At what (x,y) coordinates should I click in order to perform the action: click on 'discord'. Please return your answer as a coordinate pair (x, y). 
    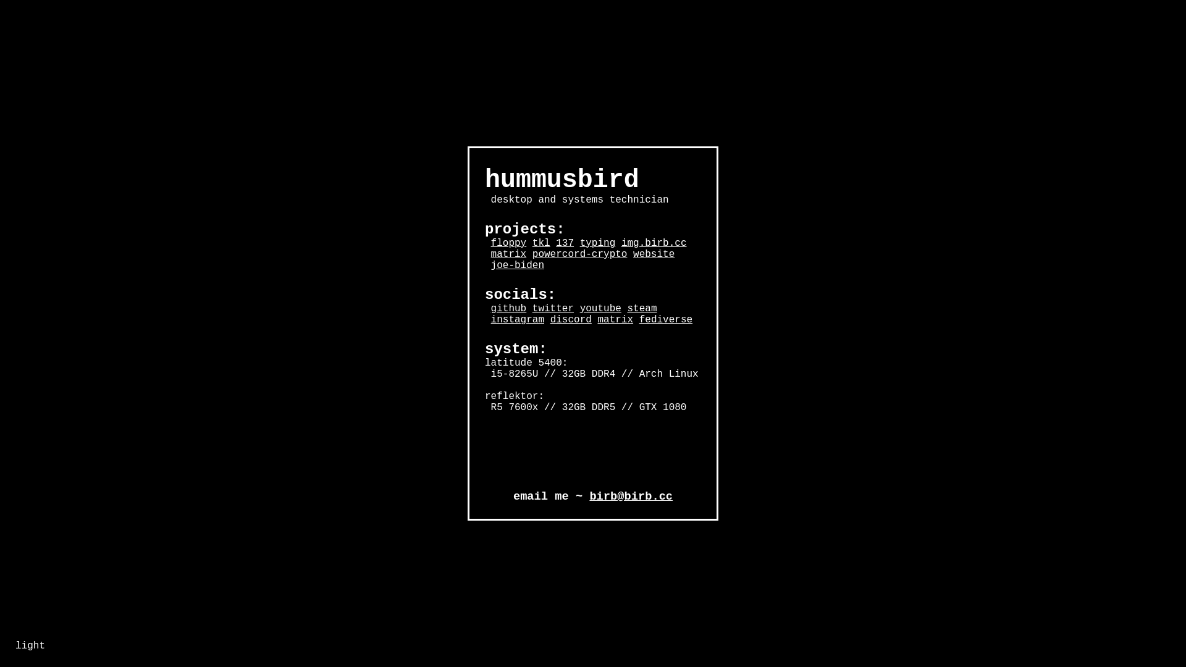
    Looking at the image, I should click on (570, 319).